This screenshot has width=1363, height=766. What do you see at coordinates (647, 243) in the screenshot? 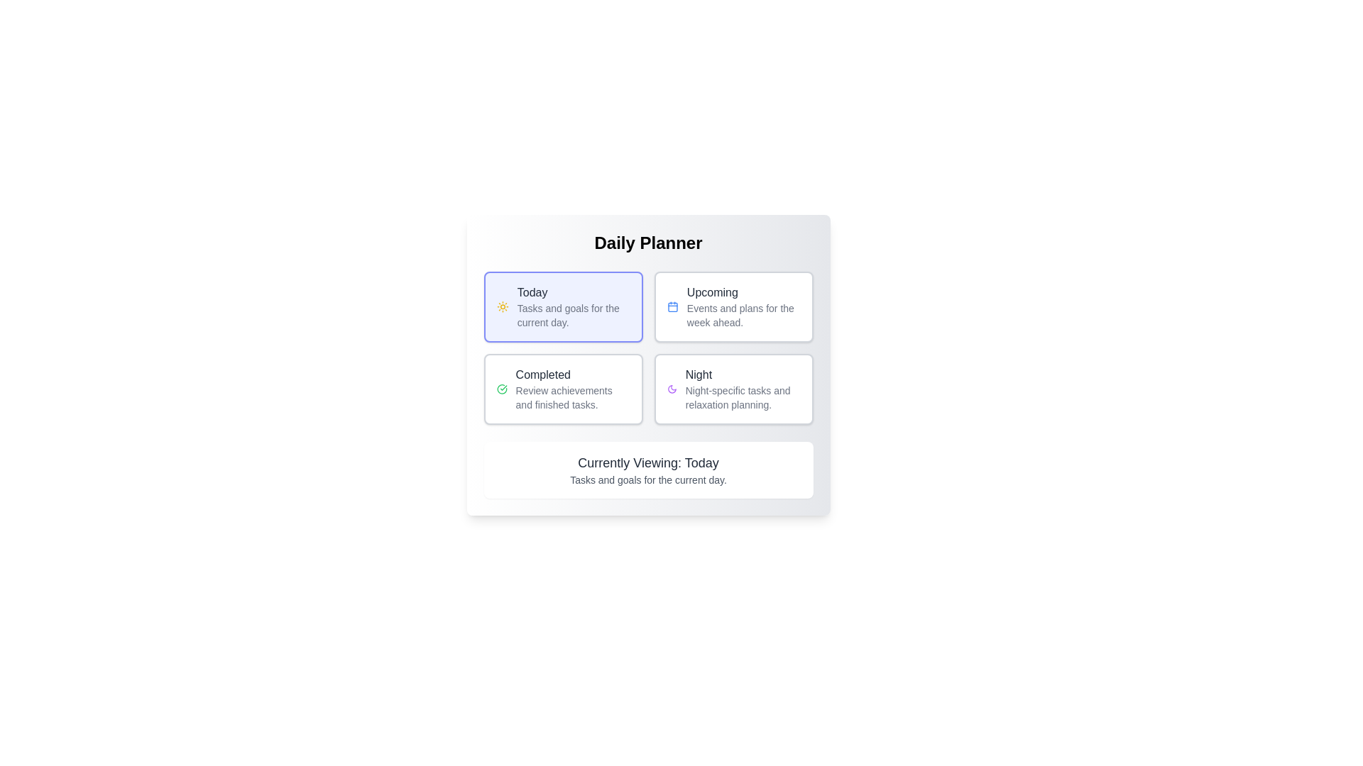
I see `the 'Daily Planner' text element, which is styled in a bold, large font and serves as the header for the section` at bounding box center [647, 243].